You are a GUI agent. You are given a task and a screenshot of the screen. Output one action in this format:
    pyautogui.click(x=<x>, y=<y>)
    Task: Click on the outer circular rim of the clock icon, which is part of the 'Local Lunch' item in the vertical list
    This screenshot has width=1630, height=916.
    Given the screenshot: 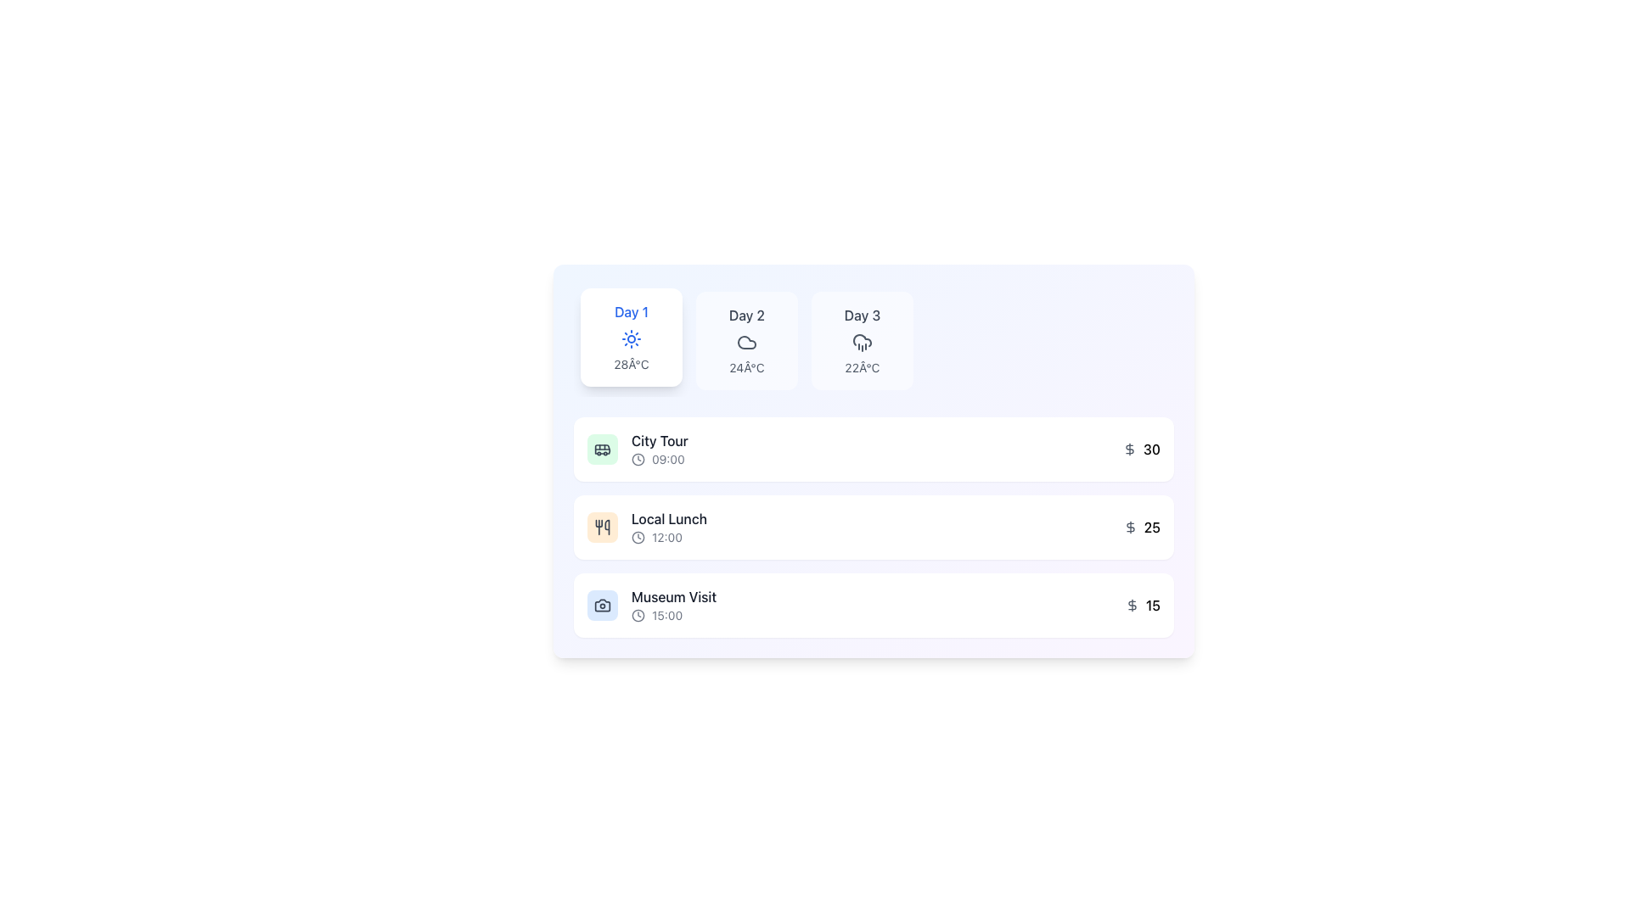 What is the action you would take?
    pyautogui.click(x=638, y=460)
    